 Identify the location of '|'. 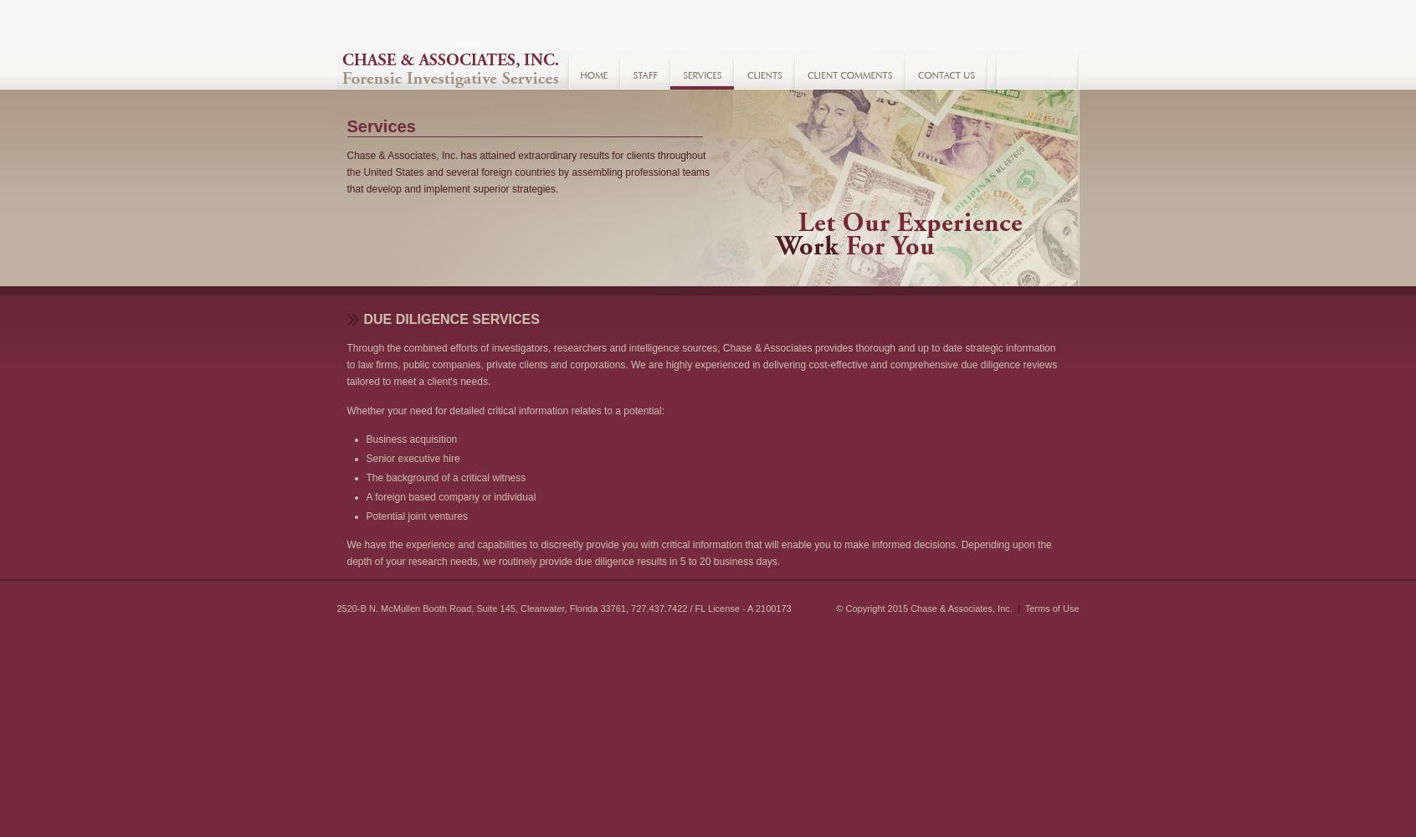
(1017, 608).